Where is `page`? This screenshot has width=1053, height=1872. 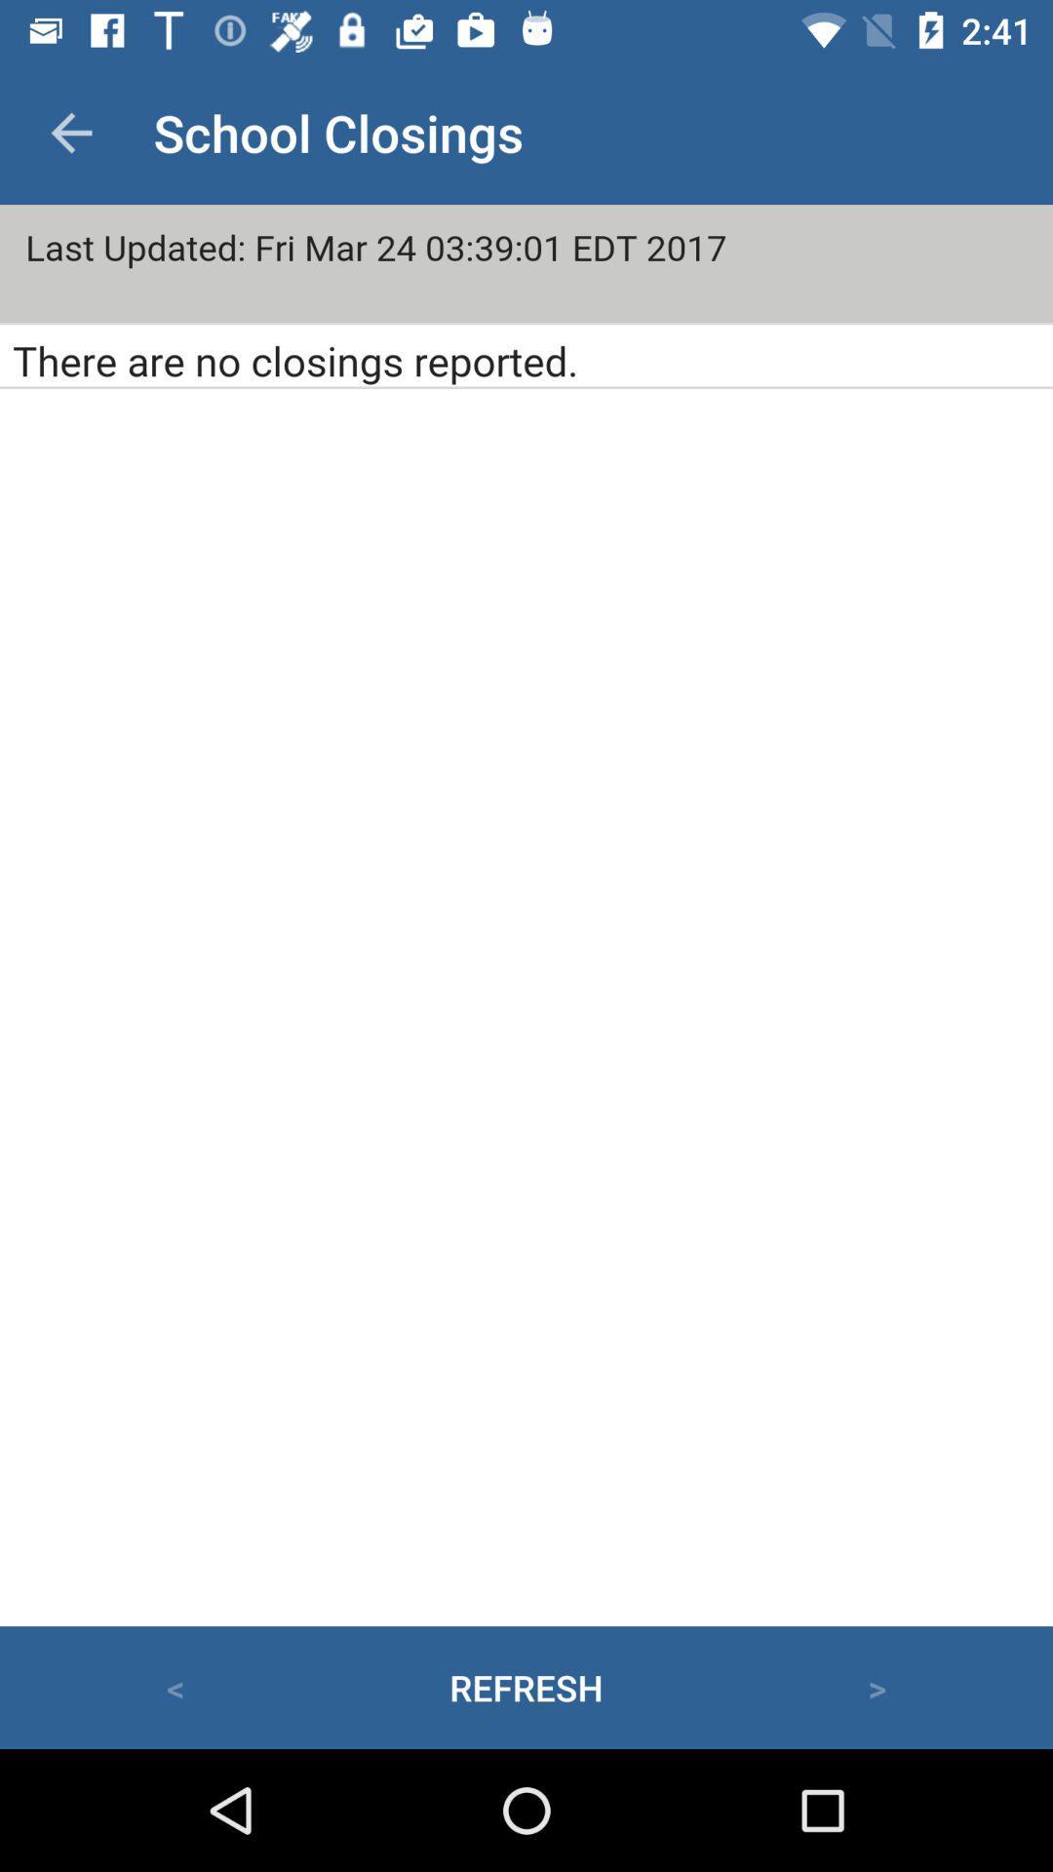 page is located at coordinates (526, 915).